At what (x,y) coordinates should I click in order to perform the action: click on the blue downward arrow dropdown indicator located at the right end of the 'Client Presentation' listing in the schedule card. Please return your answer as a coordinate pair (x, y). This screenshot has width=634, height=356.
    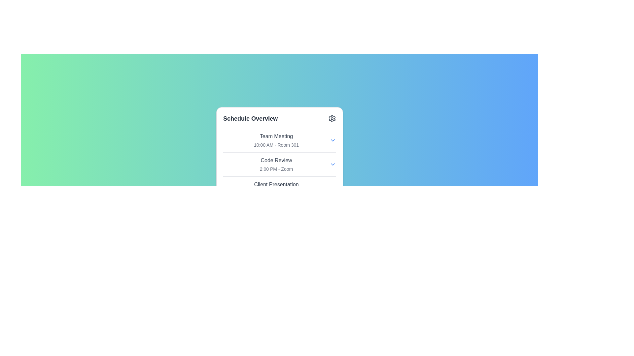
    Looking at the image, I should click on (333, 188).